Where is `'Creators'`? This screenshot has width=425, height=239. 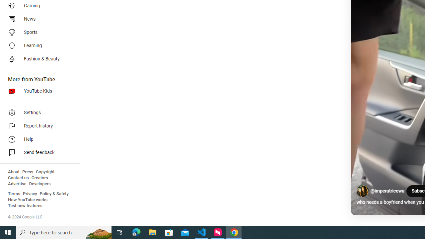 'Creators' is located at coordinates (39, 178).